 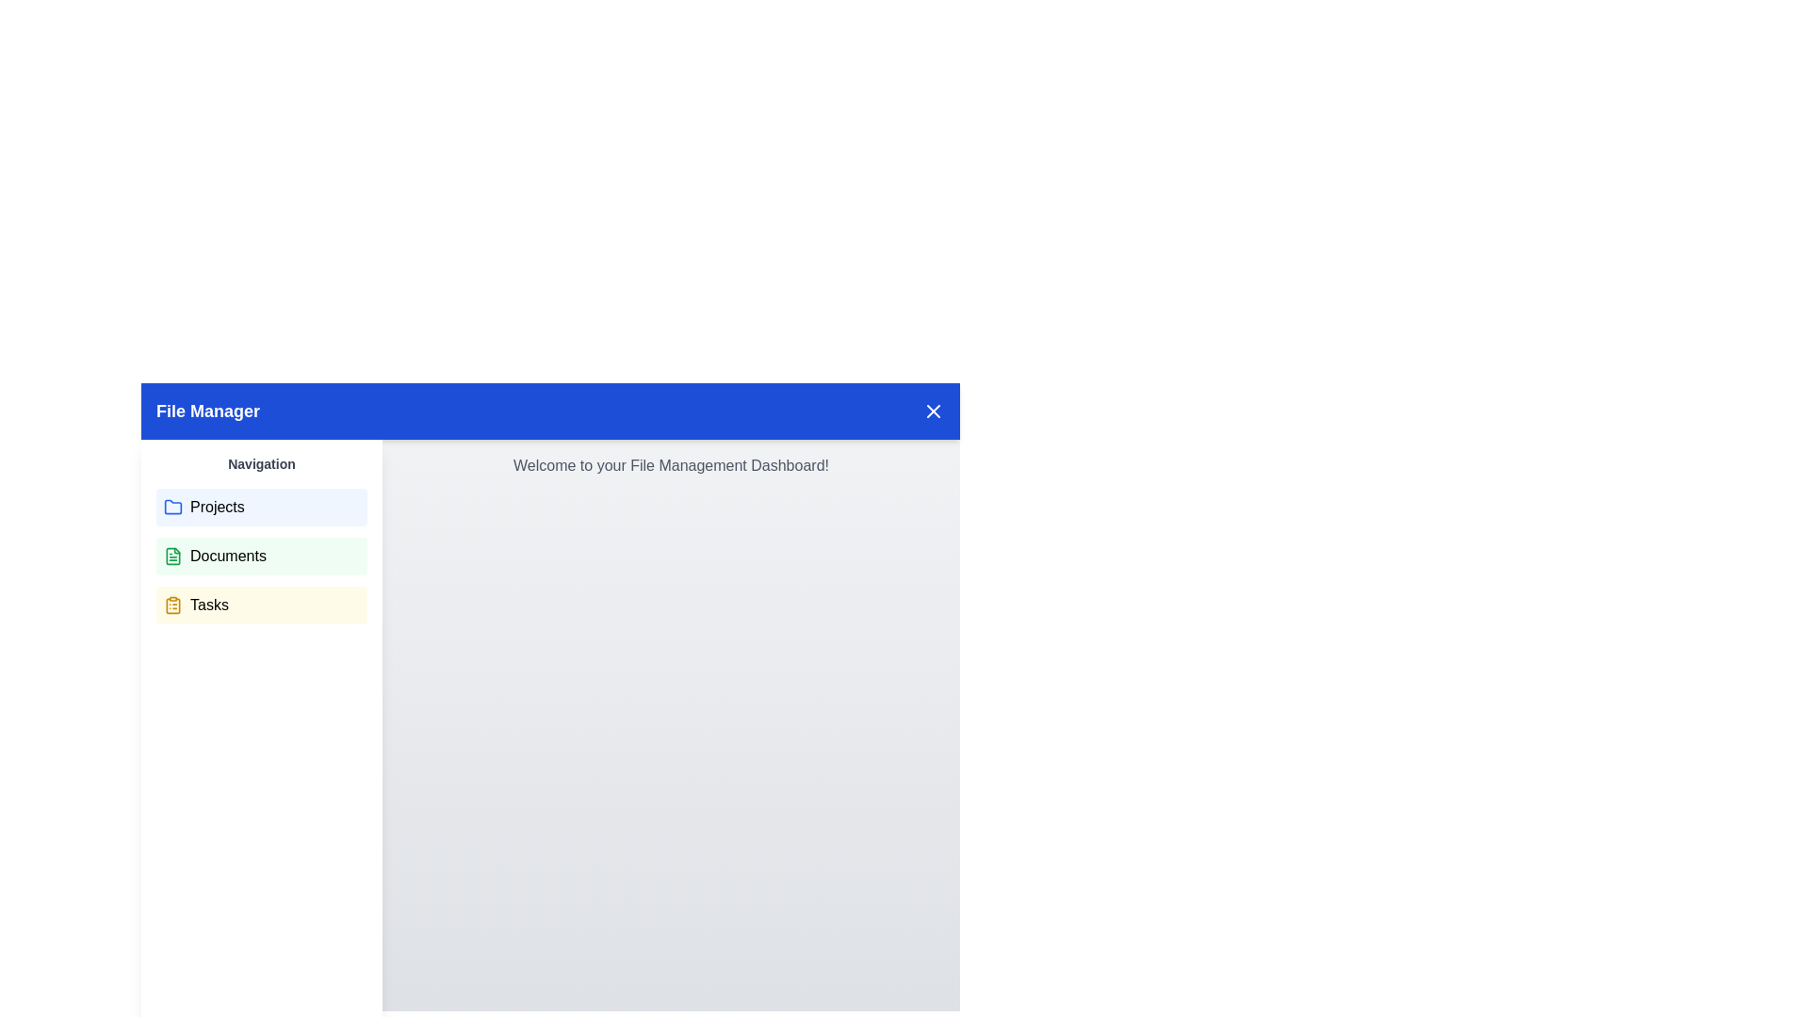 I want to click on the 'Projects' folder icon located in the left navigation panel, so click(x=172, y=505).